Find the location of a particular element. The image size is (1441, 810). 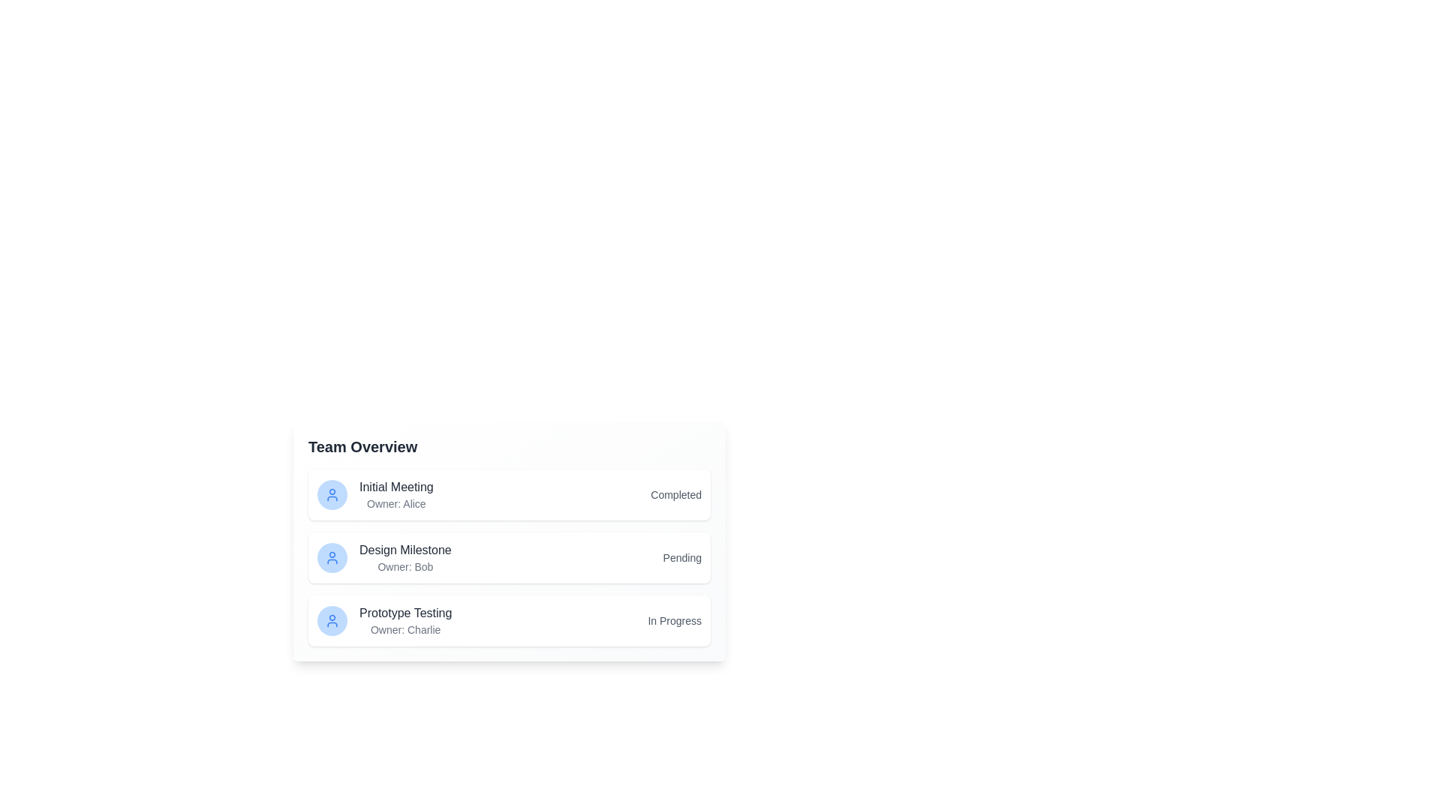

the text label that provides project information, specifically 'Prototype Testing' and 'Owner: Charlie', located in the 'Team Overview' section at the center-left of the layout is located at coordinates (405, 621).